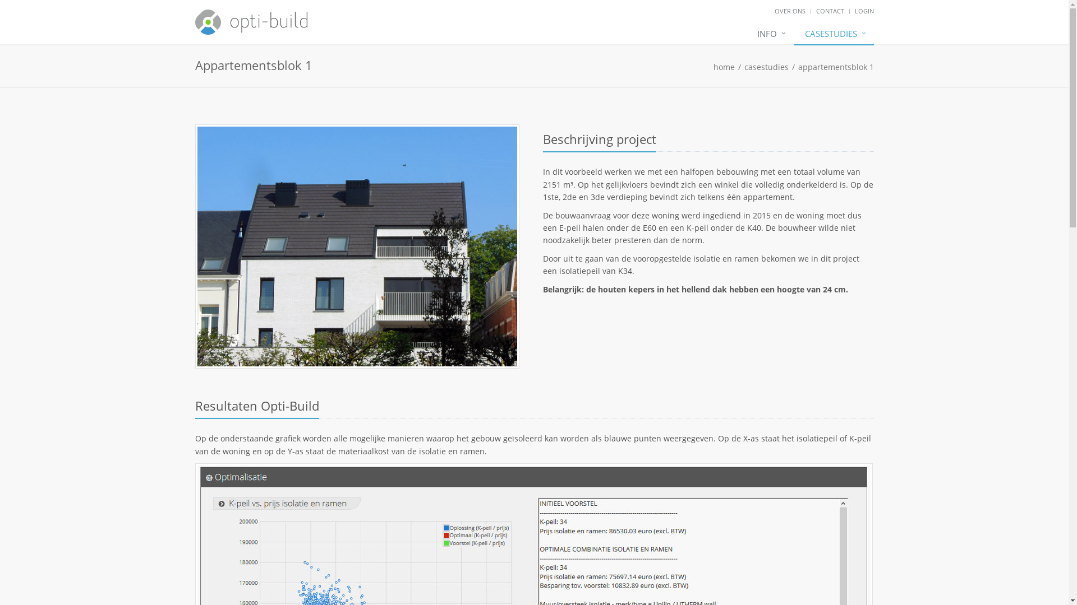  I want to click on 'casestudies', so click(765, 67).